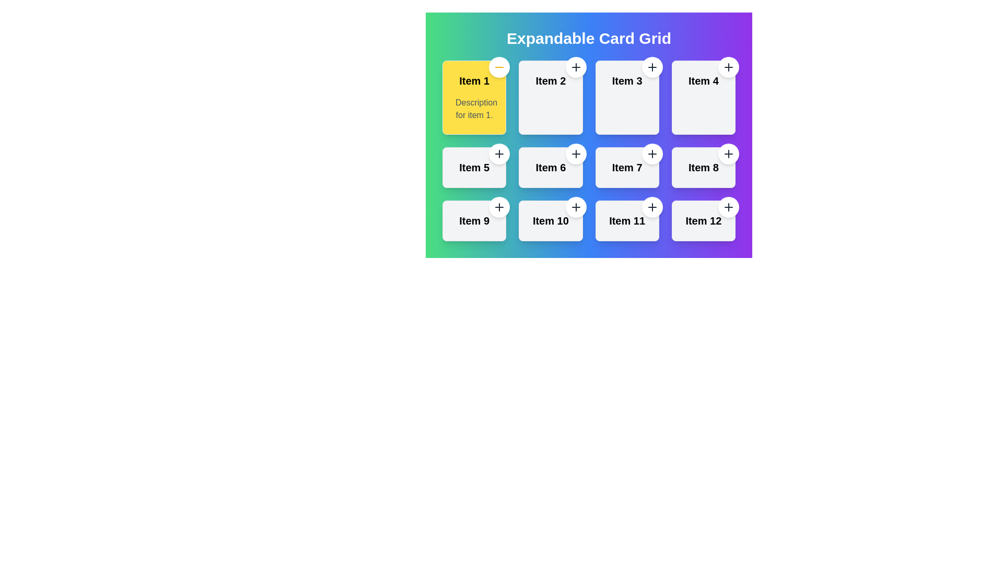 The width and height of the screenshot is (1003, 564). What do you see at coordinates (474, 167) in the screenshot?
I see `the text label located in the center of the fifth card in a 4x3 grid layout, situated in the second row, first column, for reading purposes` at bounding box center [474, 167].